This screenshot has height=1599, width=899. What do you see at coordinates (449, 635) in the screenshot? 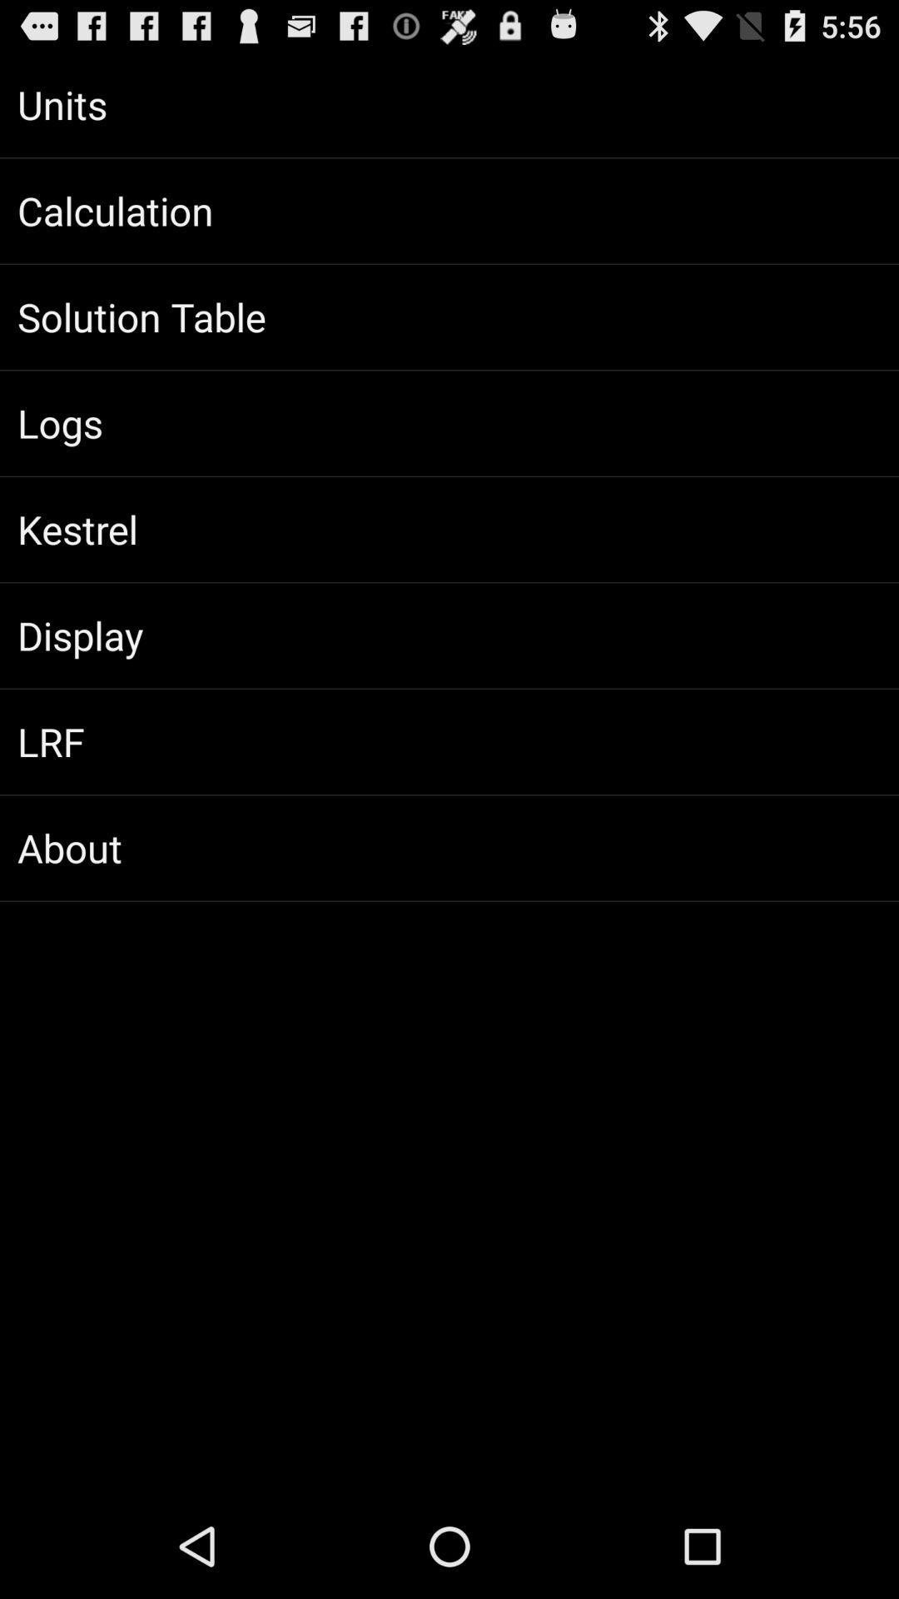
I see `display` at bounding box center [449, 635].